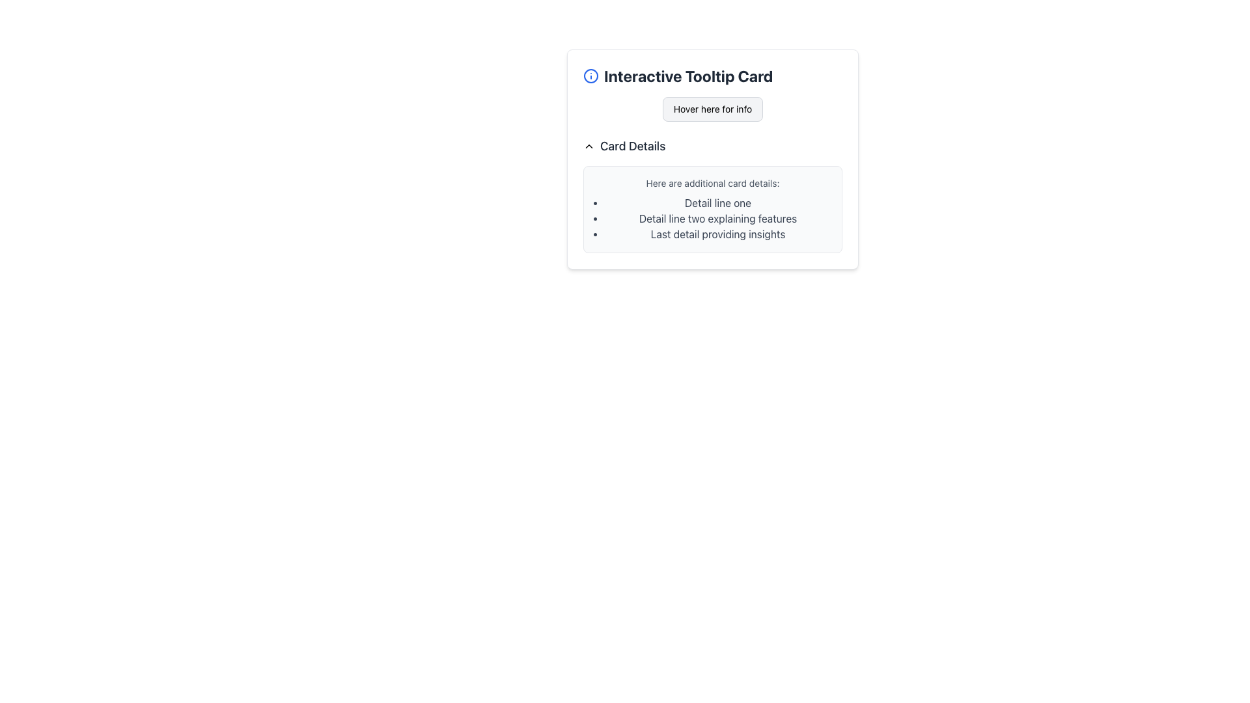  Describe the element at coordinates (712, 217) in the screenshot. I see `the Bullet-point list element containing 'Detail line one', 'Detail line two explaining features', and 'Last detail providing insights' within the 'Card Details' section` at that location.